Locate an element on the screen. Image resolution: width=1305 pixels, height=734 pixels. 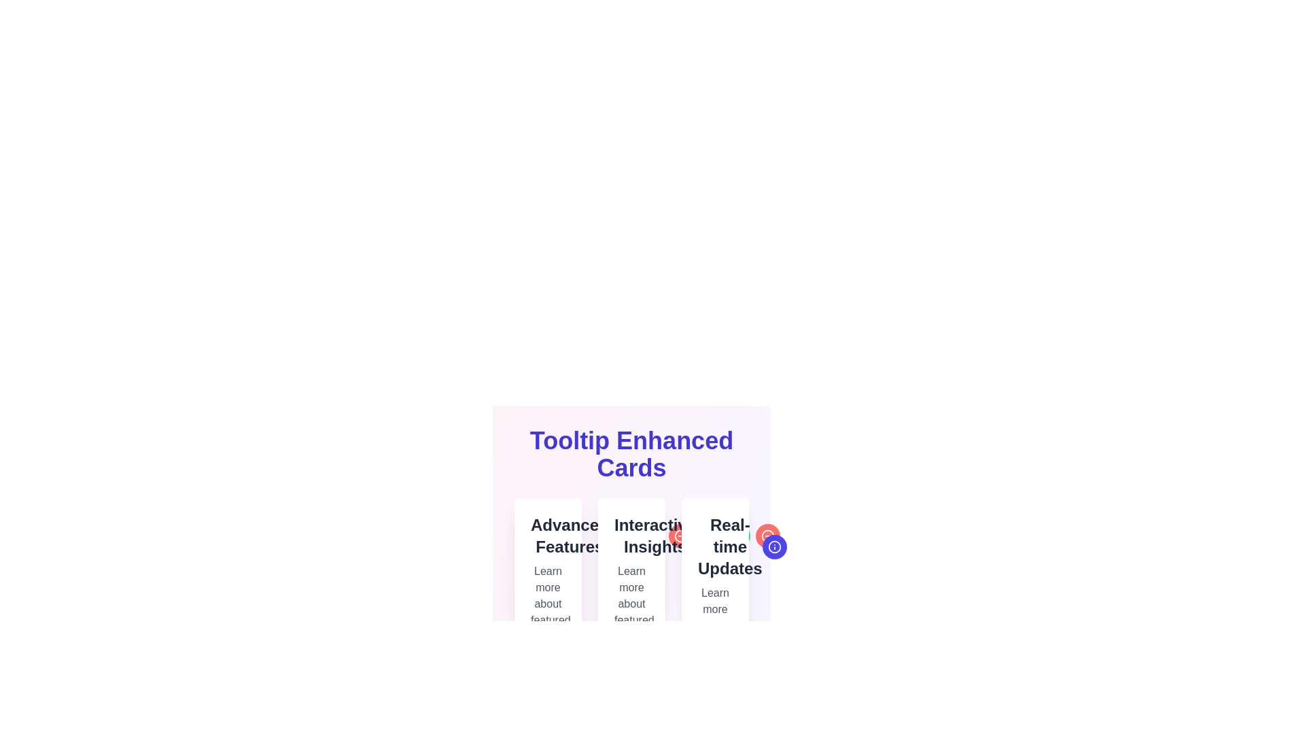
the Action button with an icon, which is centrally aligned in a circular red background near the 'Real-time Updates' section is located at coordinates (833, 546).